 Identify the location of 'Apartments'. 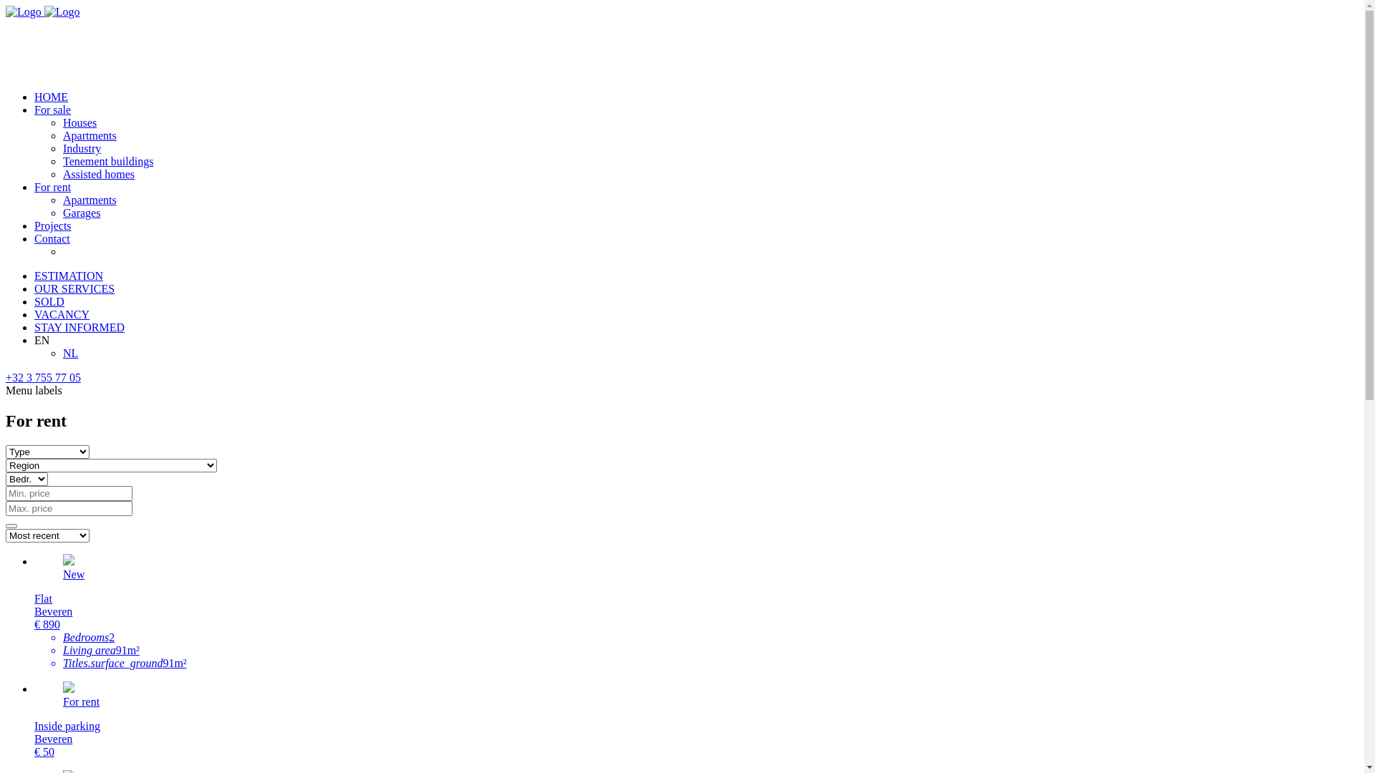
(62, 200).